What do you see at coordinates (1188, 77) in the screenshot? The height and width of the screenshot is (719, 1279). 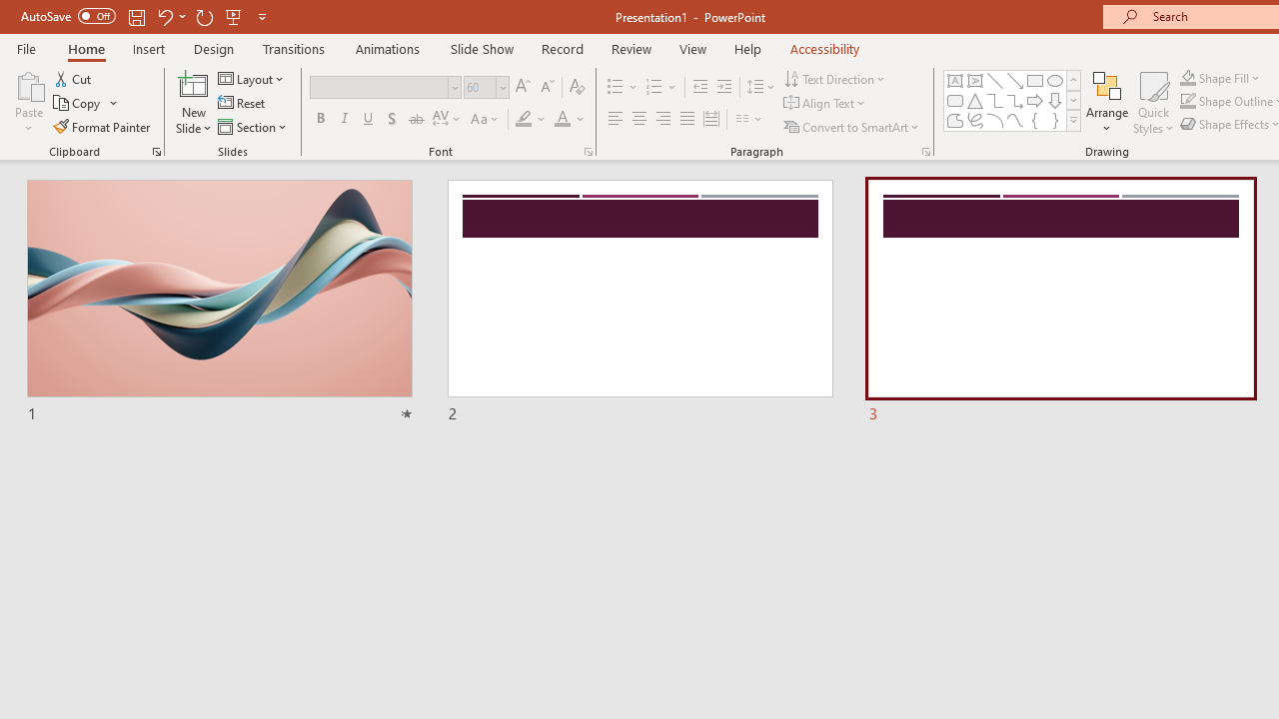 I see `'Shape Fill Orange, Accent 2'` at bounding box center [1188, 77].